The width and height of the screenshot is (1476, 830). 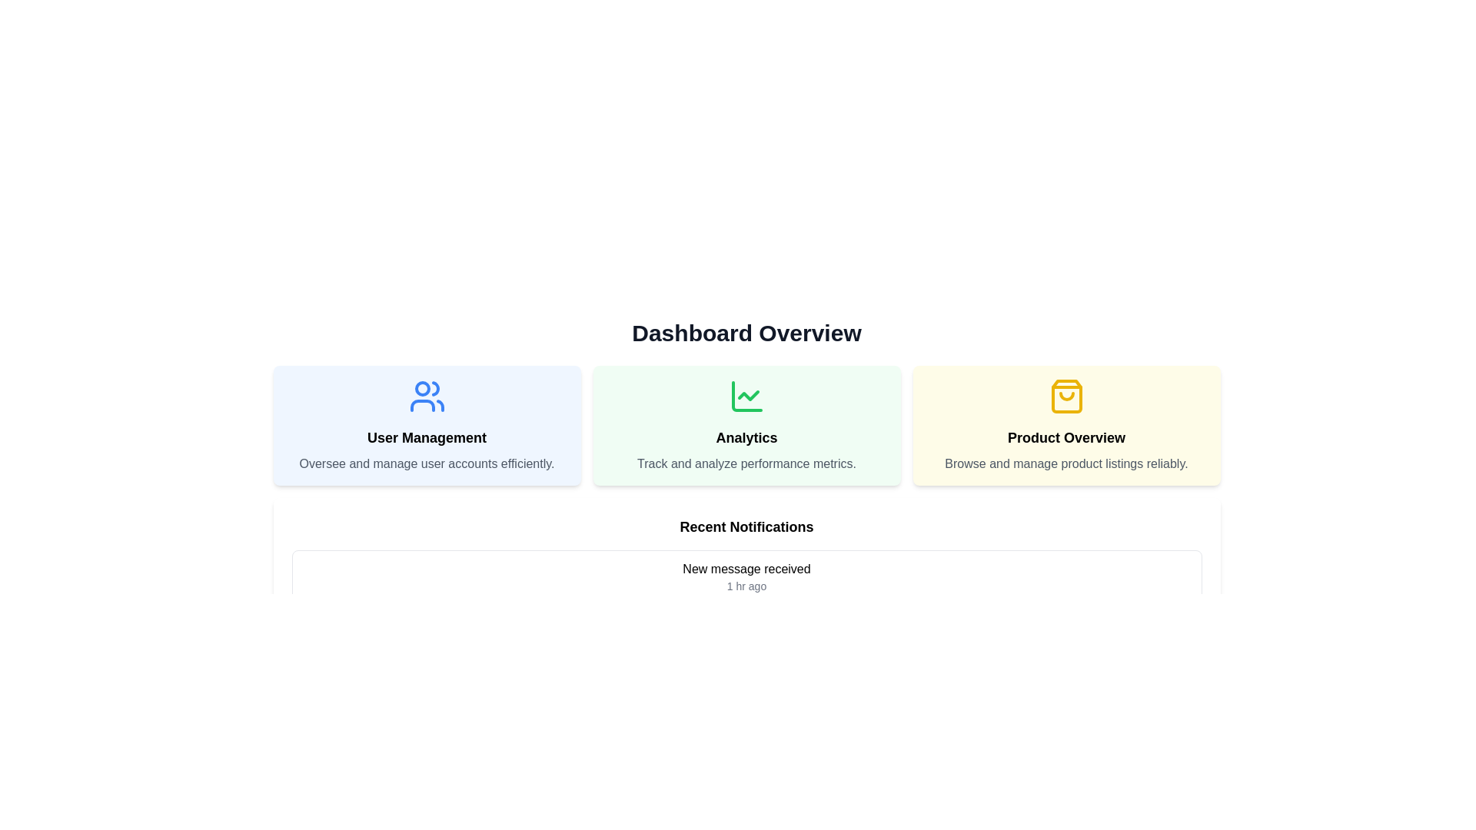 I want to click on the text element that contains 'Track and analyze performance metrics.' which is styled with a gray font color and part of the 'Analytics' section, so click(x=746, y=463).